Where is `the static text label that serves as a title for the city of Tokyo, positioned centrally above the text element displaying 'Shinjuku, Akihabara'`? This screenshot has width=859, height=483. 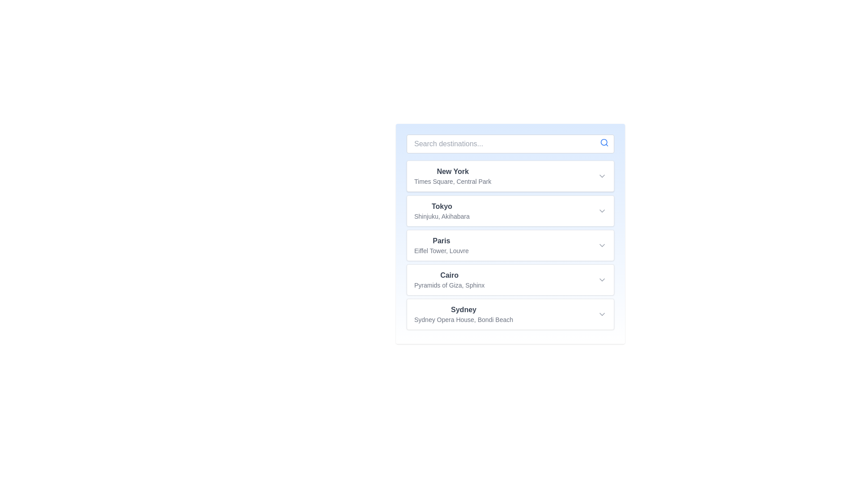
the static text label that serves as a title for the city of Tokyo, positioned centrally above the text element displaying 'Shinjuku, Akihabara' is located at coordinates (442, 207).